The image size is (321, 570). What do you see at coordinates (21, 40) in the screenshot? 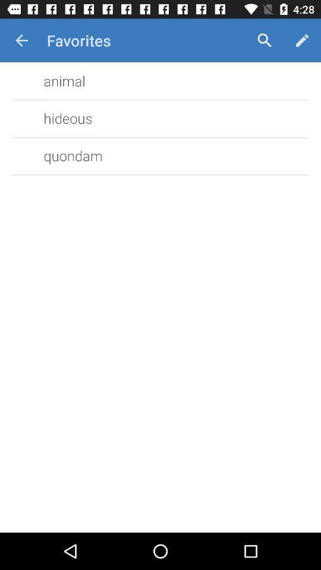
I see `icon above animal icon` at bounding box center [21, 40].